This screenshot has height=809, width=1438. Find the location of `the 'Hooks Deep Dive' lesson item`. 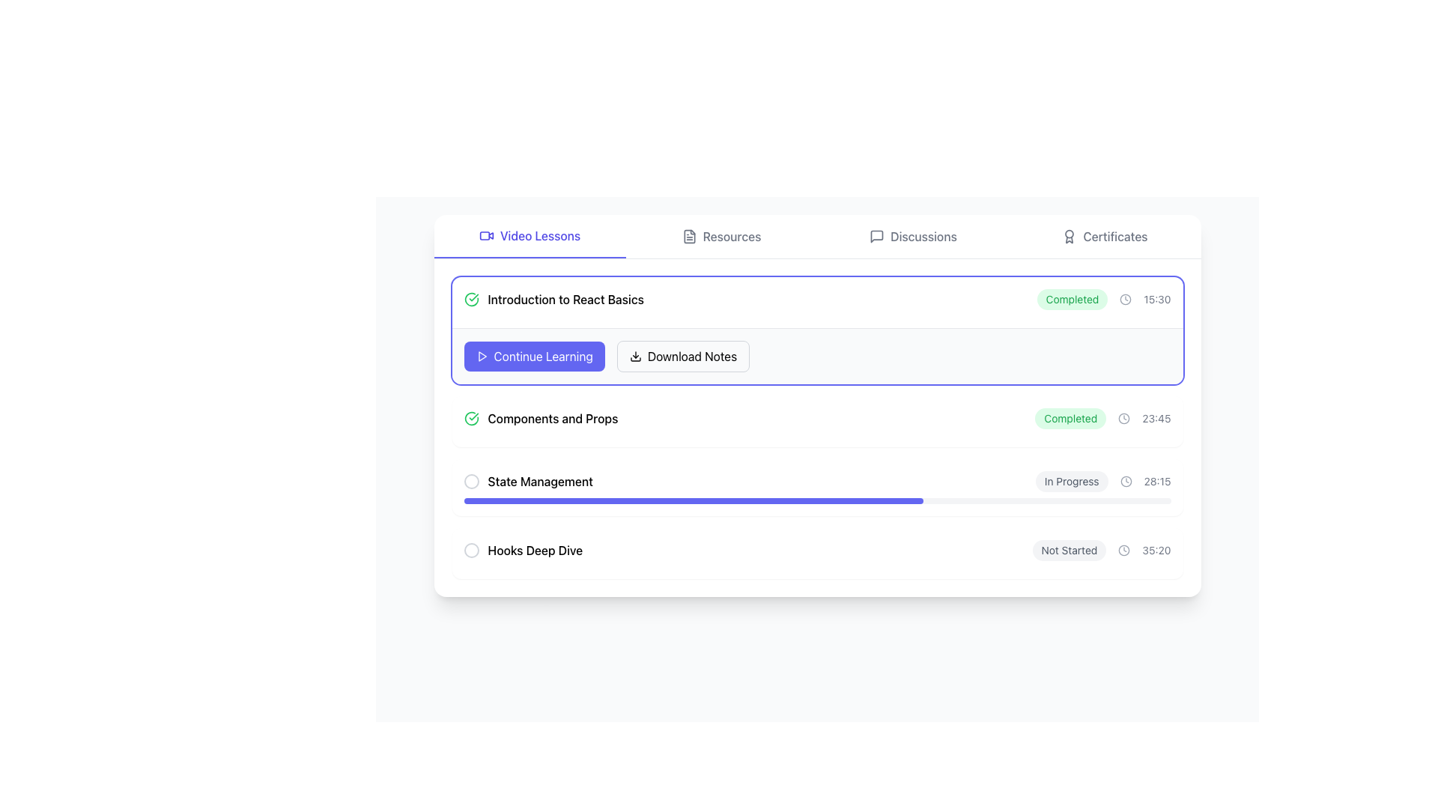

the 'Hooks Deep Dive' lesson item is located at coordinates (816, 551).